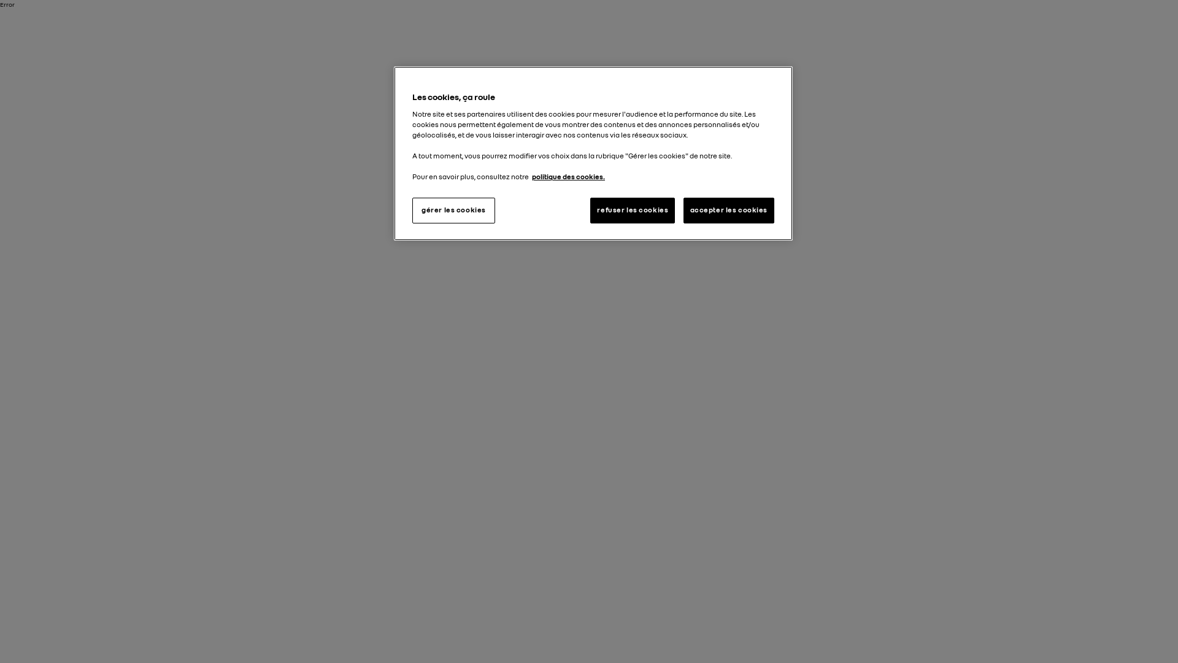 Image resolution: width=1178 pixels, height=663 pixels. Describe the element at coordinates (633, 210) in the screenshot. I see `'refuser les cookies'` at that location.